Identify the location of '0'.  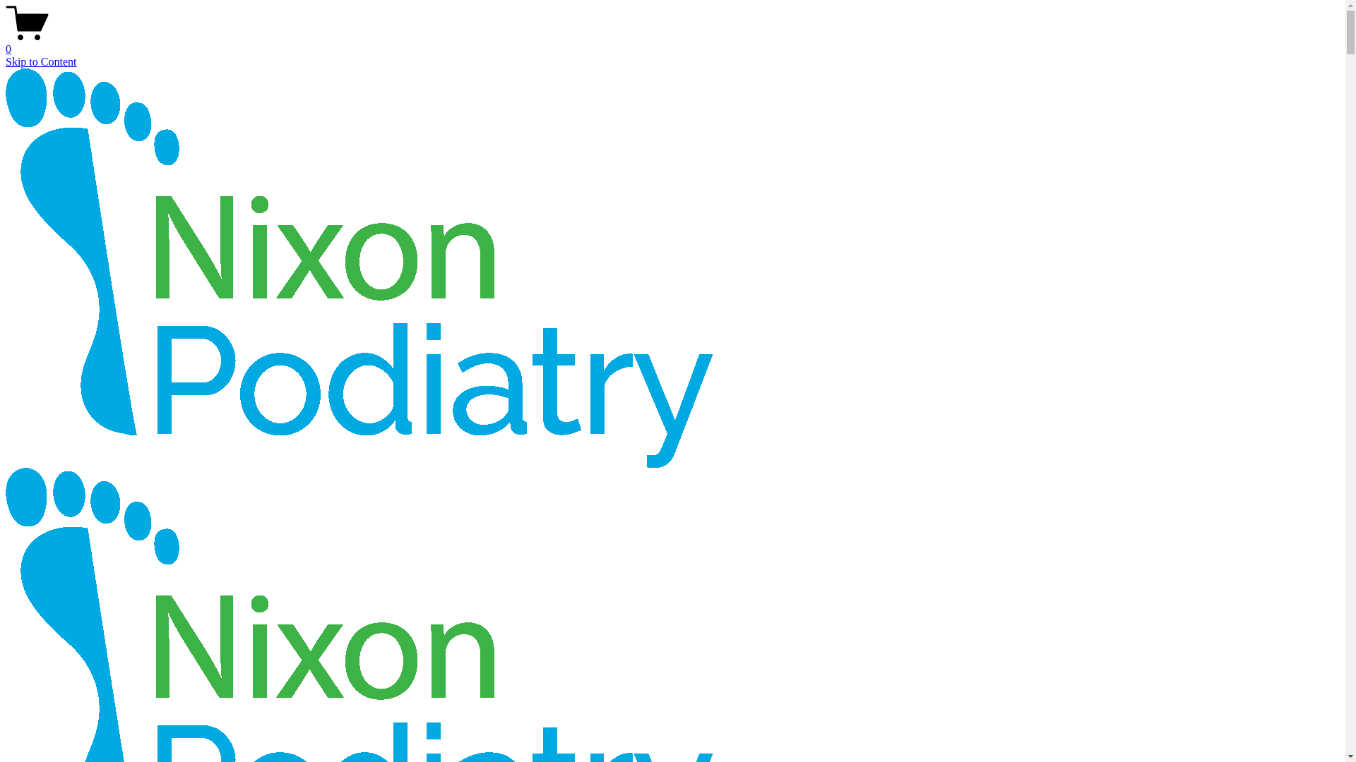
(672, 42).